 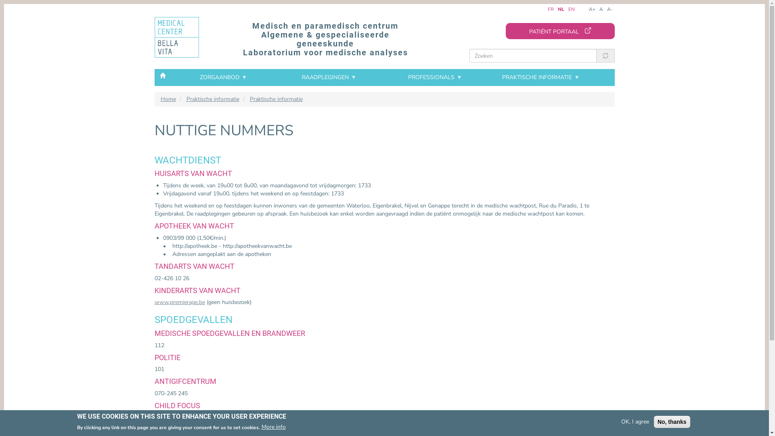 I want to click on 'MULTIDISCIPLINAIRE KLINIEKEN', so click(x=206, y=193).